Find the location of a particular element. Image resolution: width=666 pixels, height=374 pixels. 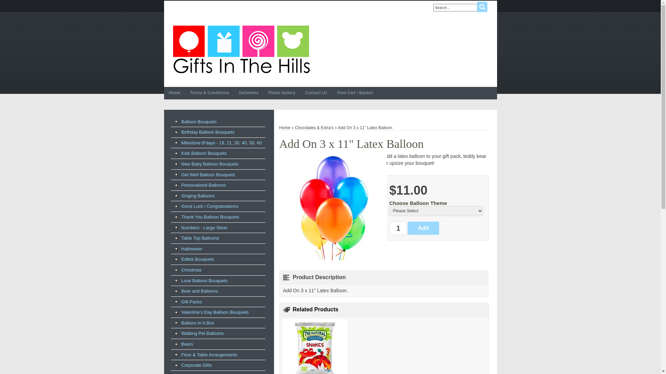

'Deliveries' is located at coordinates (249, 93).